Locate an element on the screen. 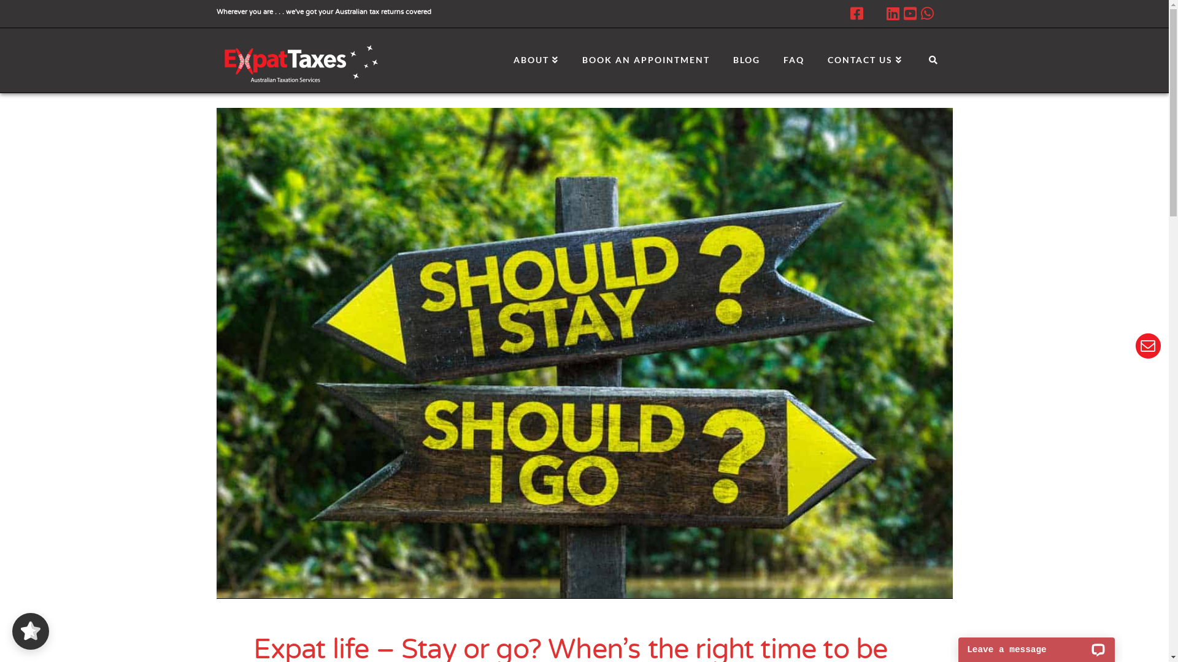  'BOOK AN APPOINTMENT' is located at coordinates (644, 56).